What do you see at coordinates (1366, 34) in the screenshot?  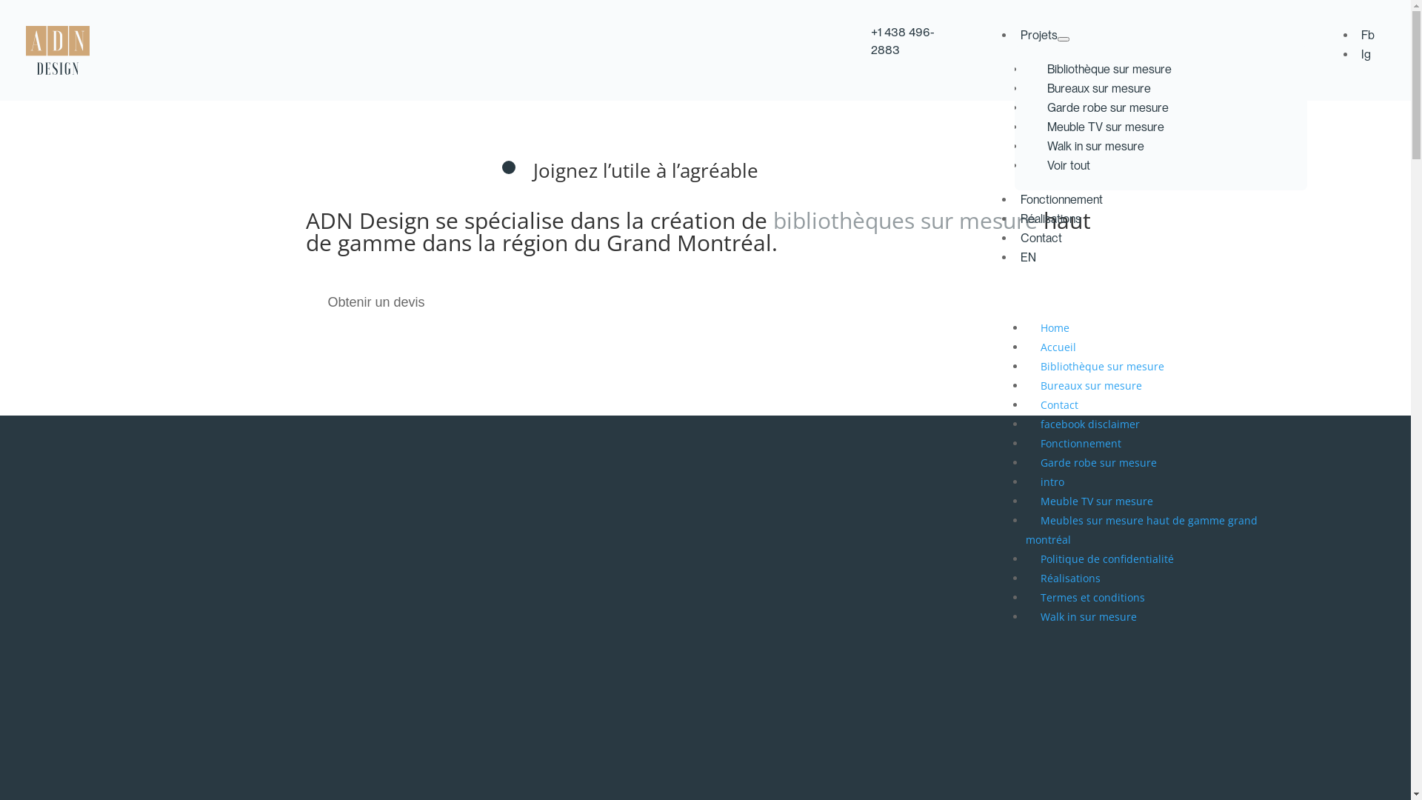 I see `'Fb'` at bounding box center [1366, 34].